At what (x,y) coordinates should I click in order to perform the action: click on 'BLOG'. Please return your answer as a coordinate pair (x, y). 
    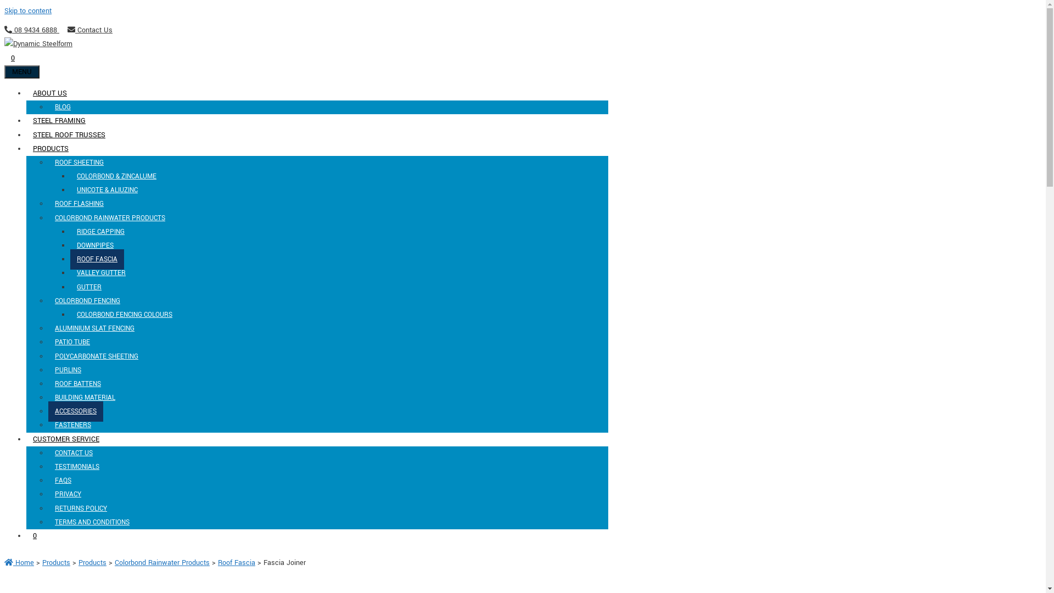
    Looking at the image, I should click on (62, 107).